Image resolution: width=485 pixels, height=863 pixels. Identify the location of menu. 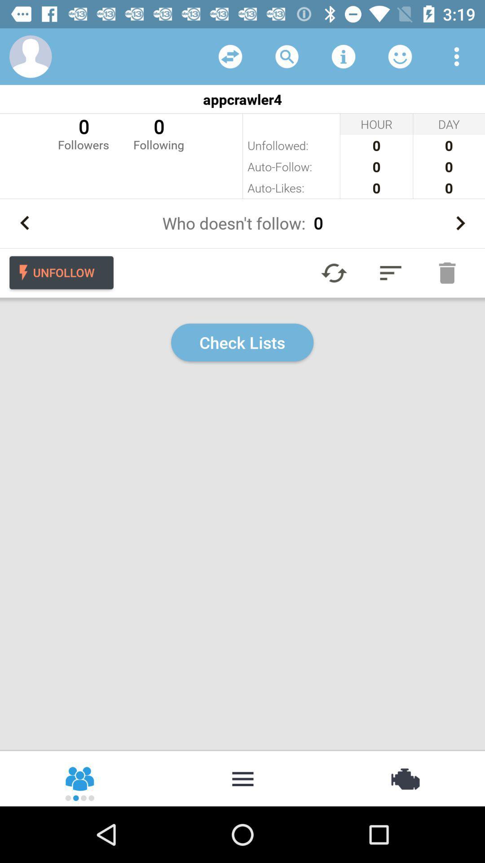
(242, 778).